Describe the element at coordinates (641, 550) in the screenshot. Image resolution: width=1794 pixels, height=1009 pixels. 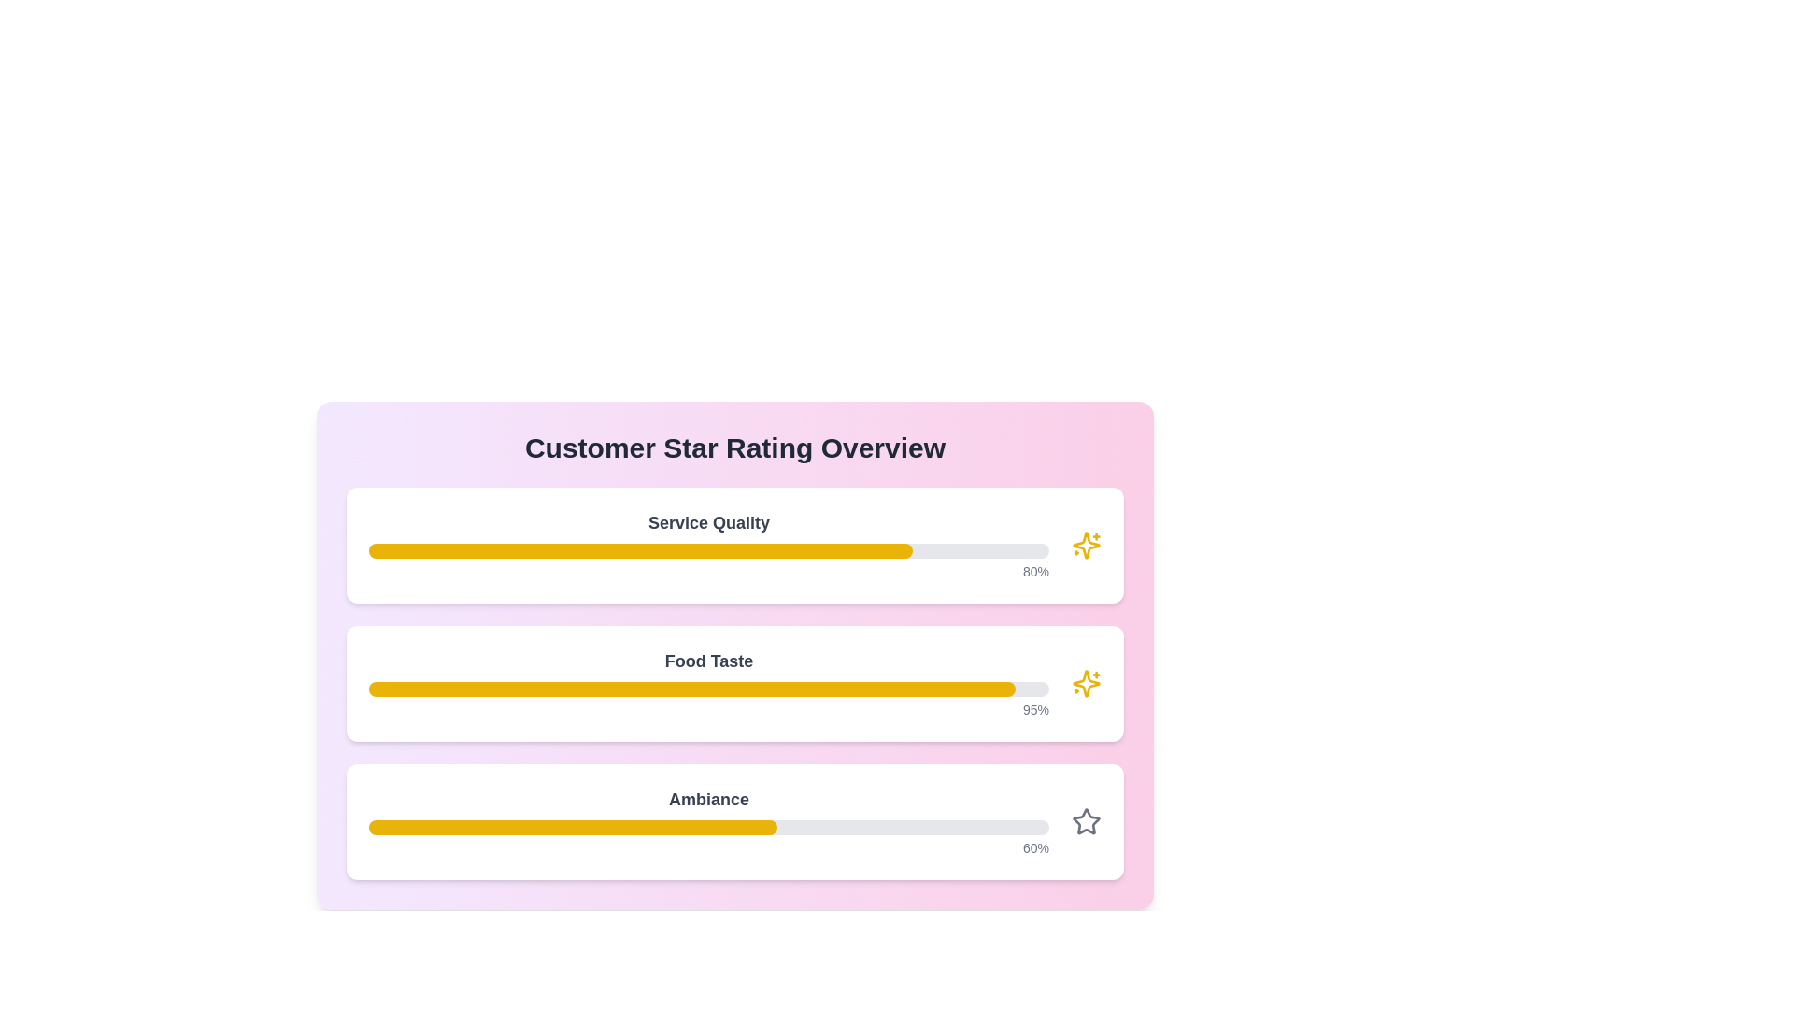
I see `the progress bar segment indicating 80% completion for 'Service Quality' located at the topmost progress bar` at that location.